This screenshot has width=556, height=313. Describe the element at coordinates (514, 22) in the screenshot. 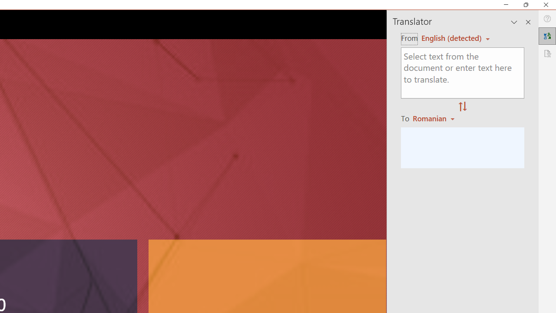

I see `'Task Pane Options'` at that location.